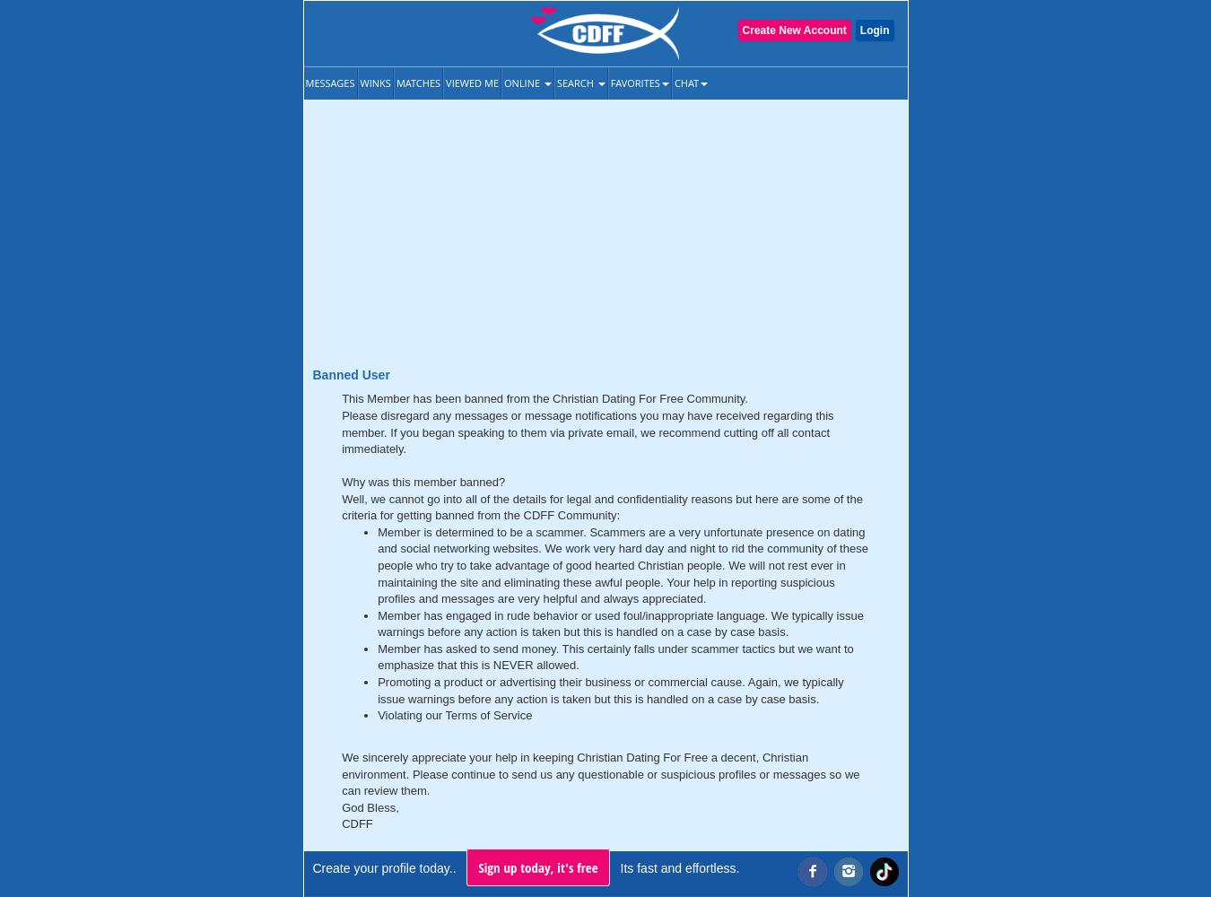 The height and width of the screenshot is (897, 1211). Describe the element at coordinates (417, 82) in the screenshot. I see `'Matches'` at that location.